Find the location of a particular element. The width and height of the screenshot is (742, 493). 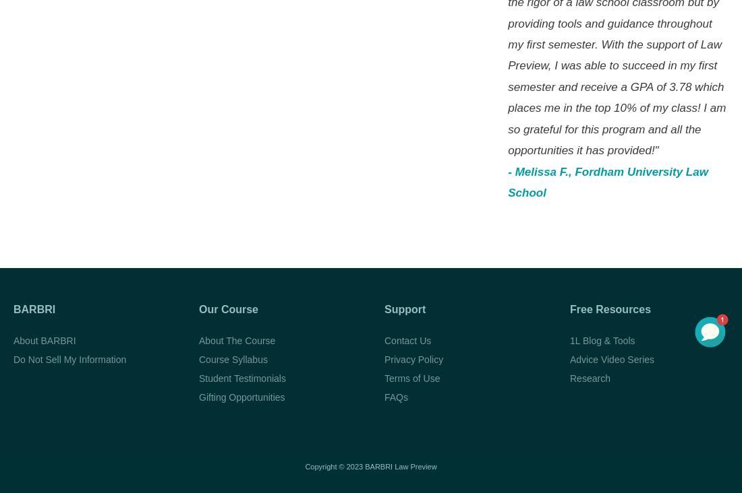

'FAQs' is located at coordinates (395, 395).